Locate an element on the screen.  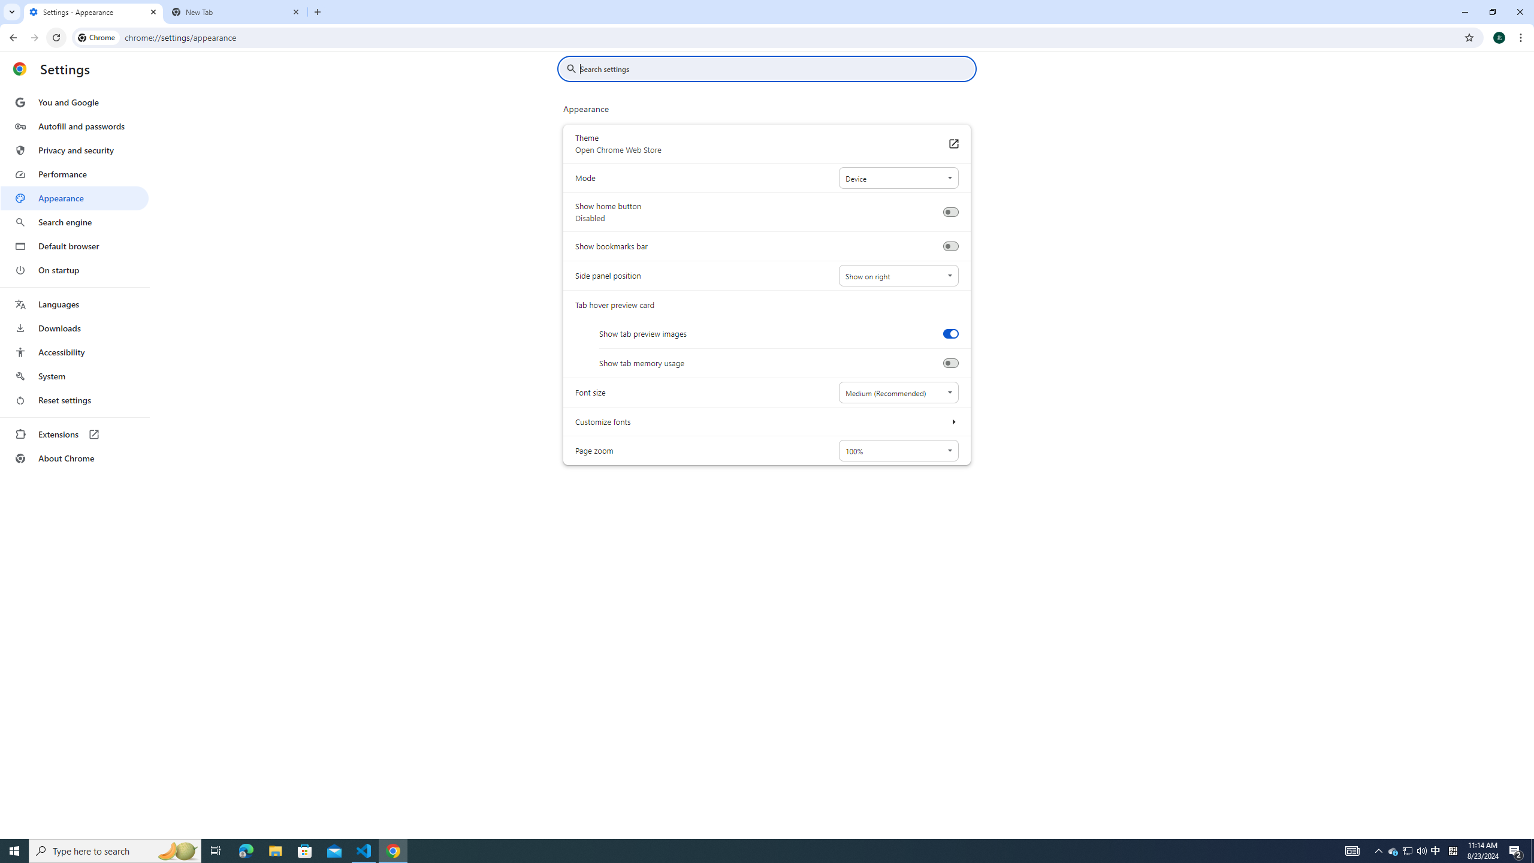
'Show bookmarks bar' is located at coordinates (950, 246).